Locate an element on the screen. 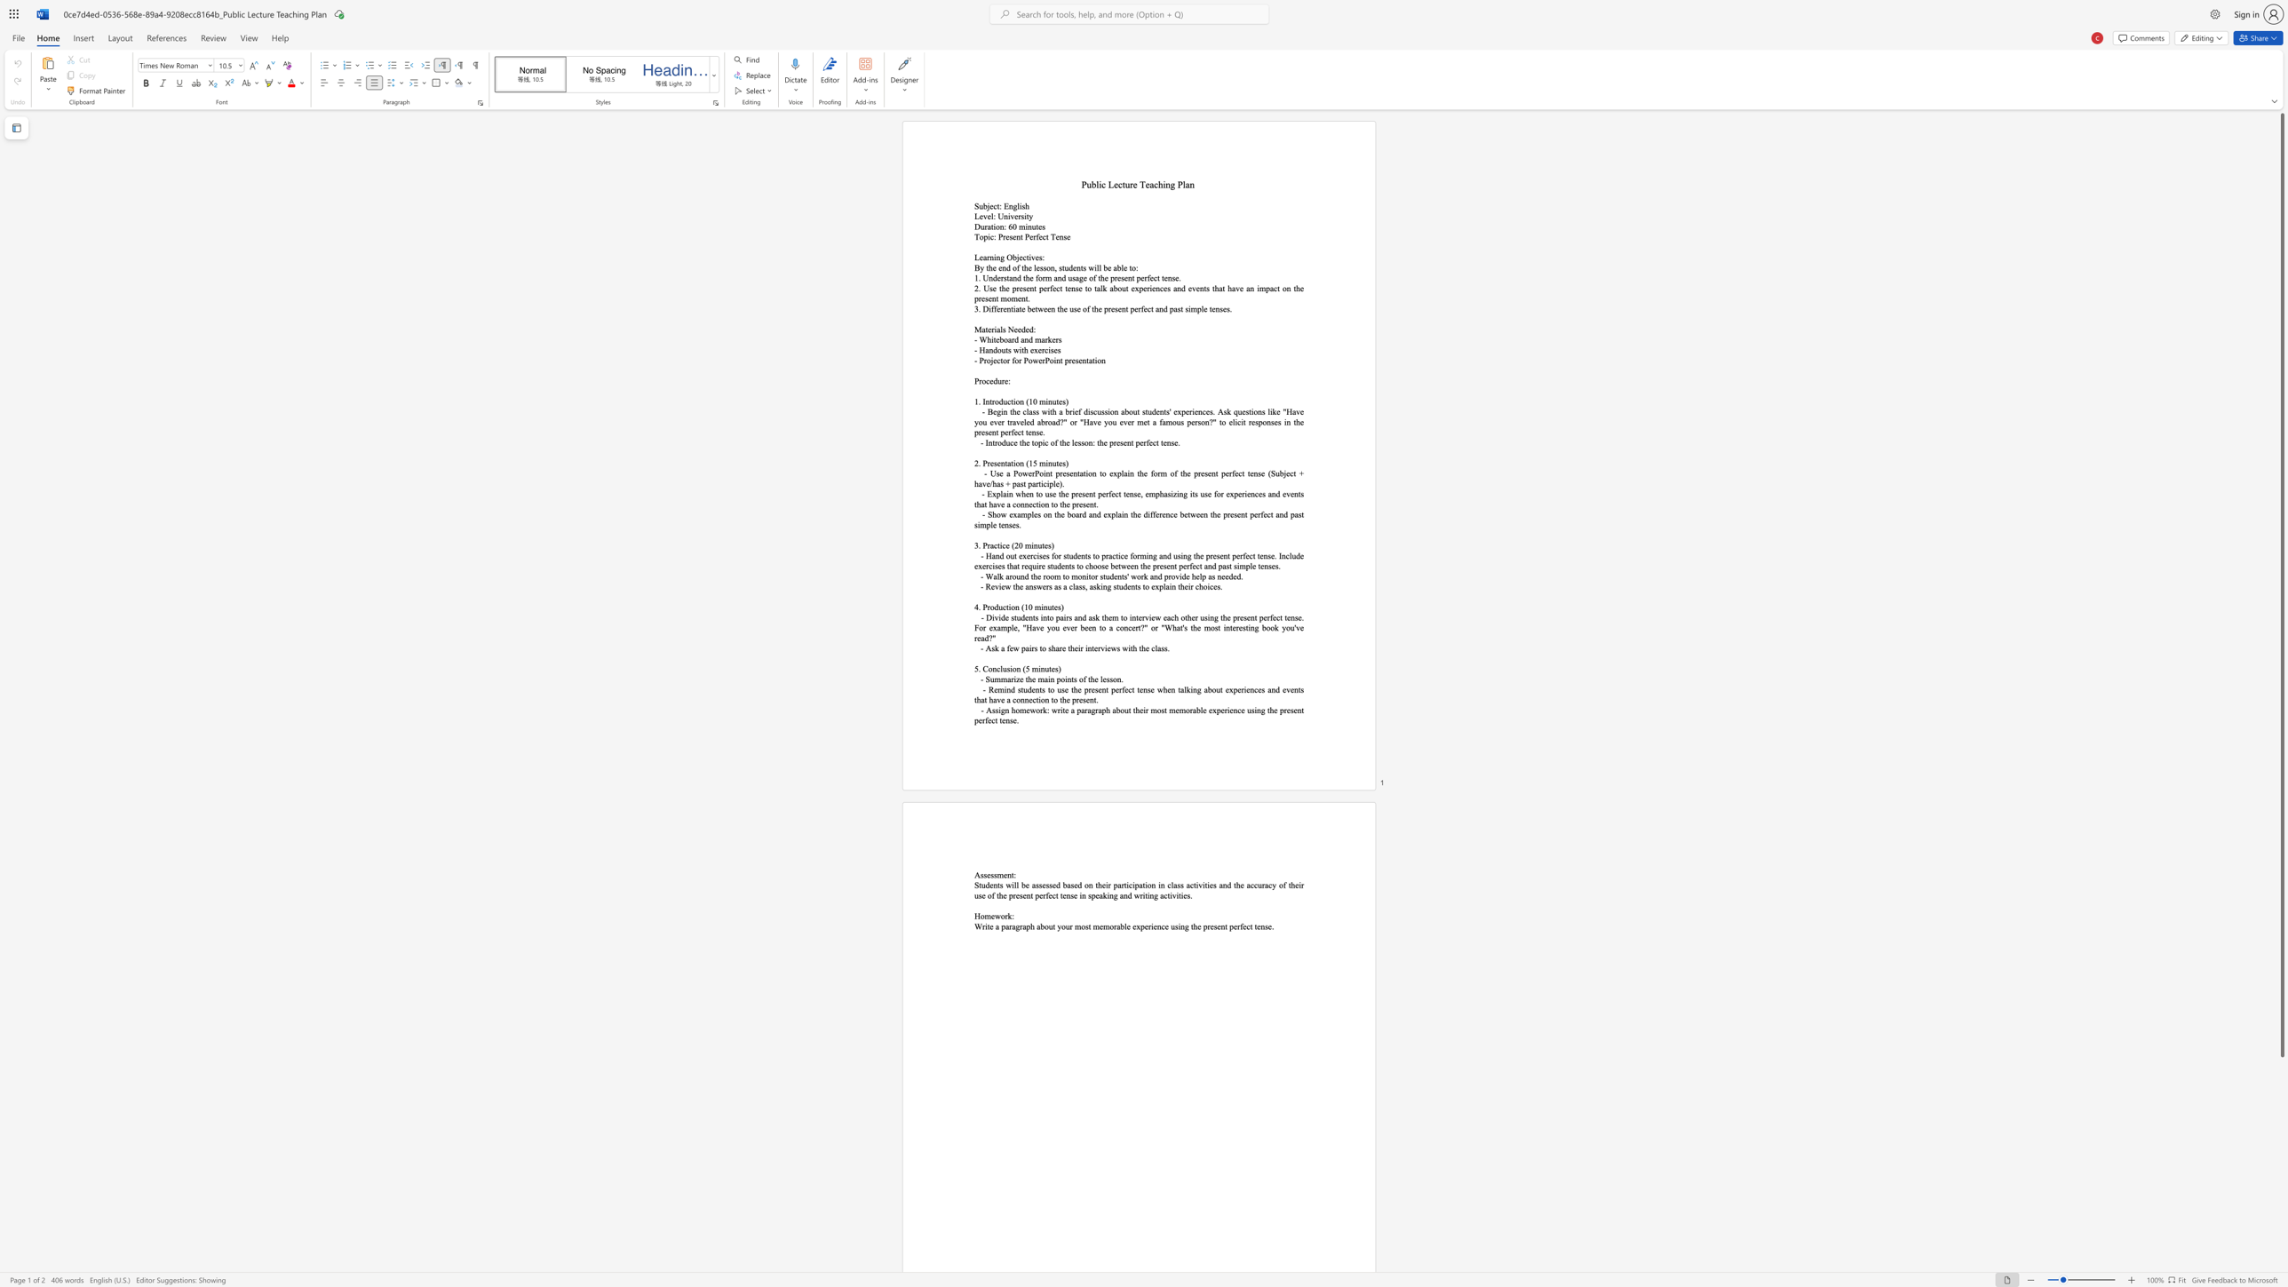 This screenshot has height=1287, width=2288. the 1th character "s" in the text is located at coordinates (1075, 308).